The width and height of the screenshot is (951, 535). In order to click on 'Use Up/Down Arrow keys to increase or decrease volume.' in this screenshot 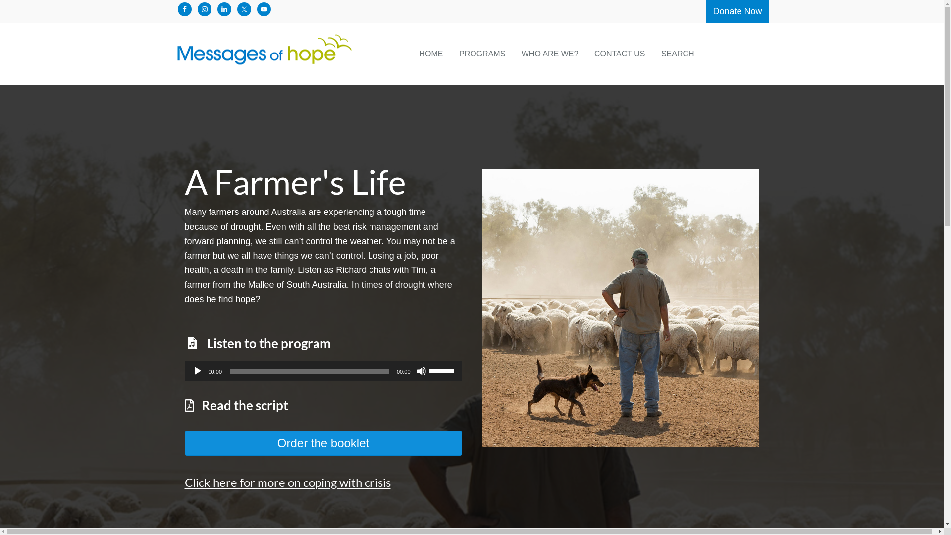, I will do `click(442, 370)`.